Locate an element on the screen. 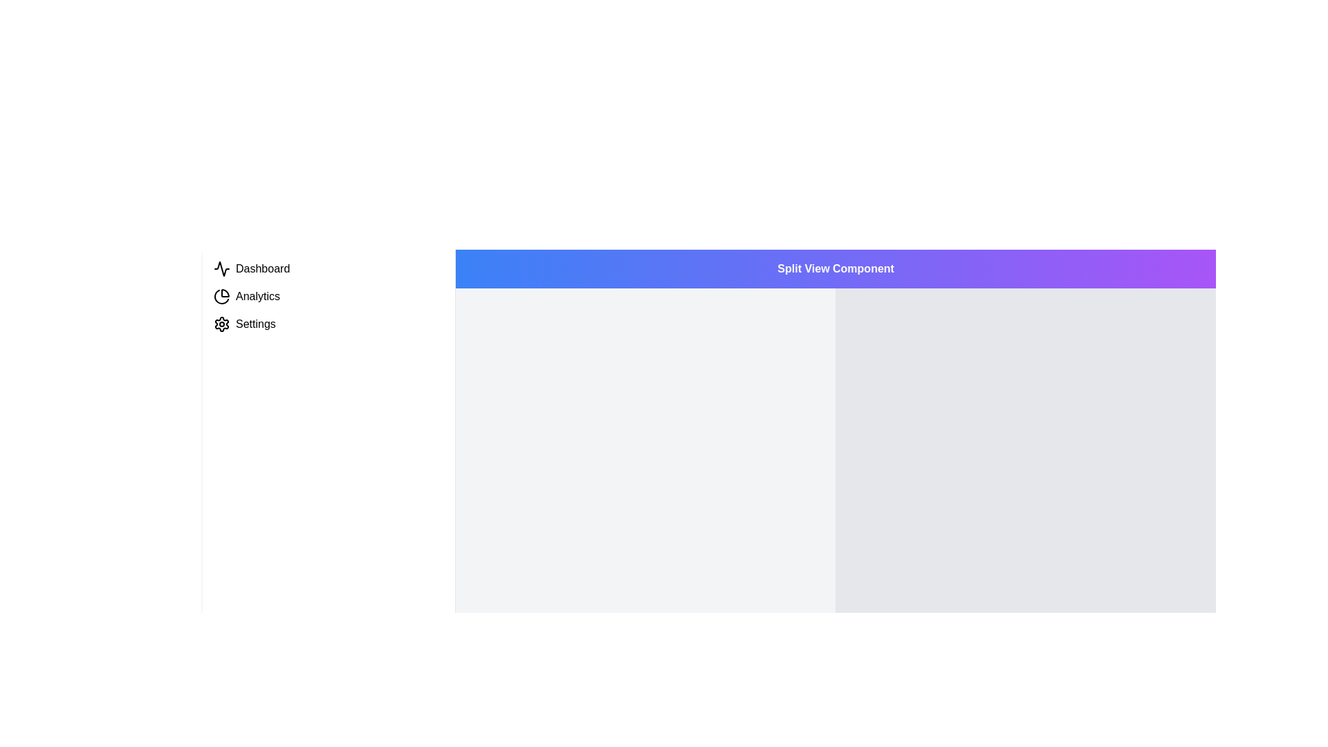  the circular gear-like icon with multiple radiating spokes located in the sidebar menu under the 'Settings' option is located at coordinates (222, 324).